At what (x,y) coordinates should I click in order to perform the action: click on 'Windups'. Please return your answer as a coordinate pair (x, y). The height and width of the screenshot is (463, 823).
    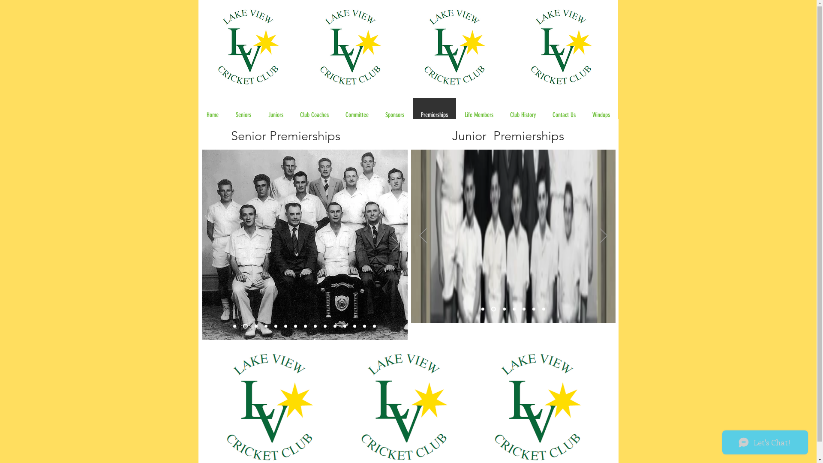
    Looking at the image, I should click on (600, 114).